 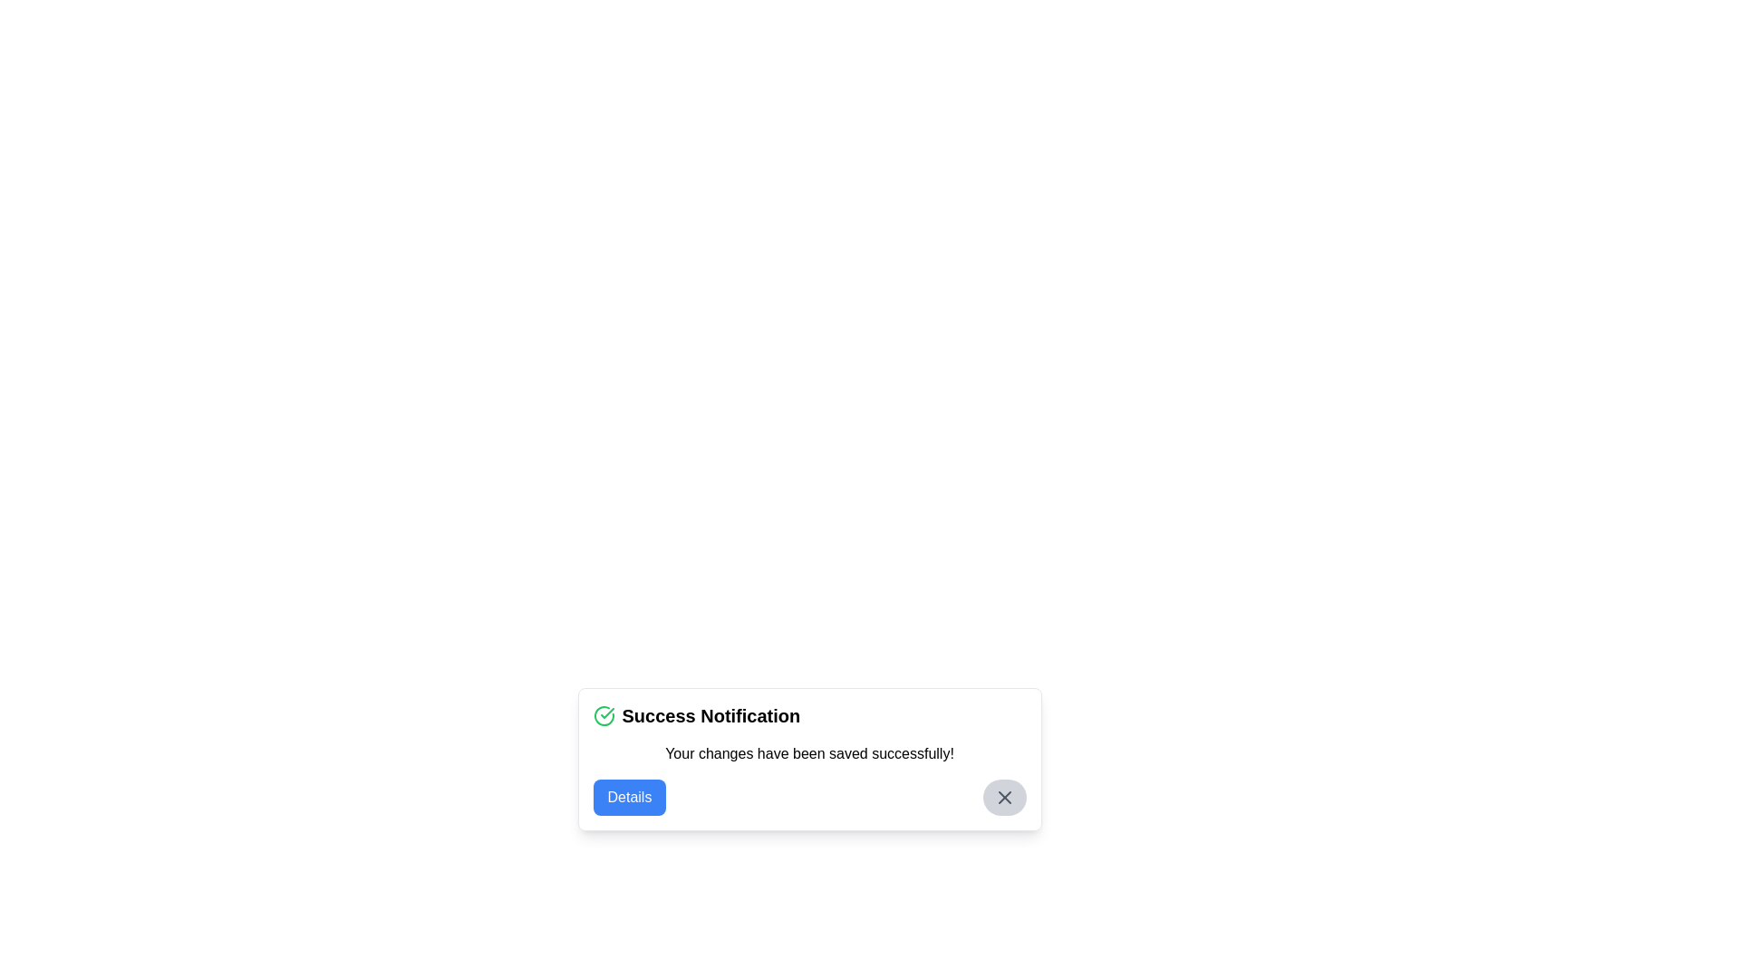 What do you see at coordinates (710, 715) in the screenshot?
I see `the text label that serves as a heading for the success notification, located at the top of the notification box, immediately to the right of the green checkmark icon` at bounding box center [710, 715].